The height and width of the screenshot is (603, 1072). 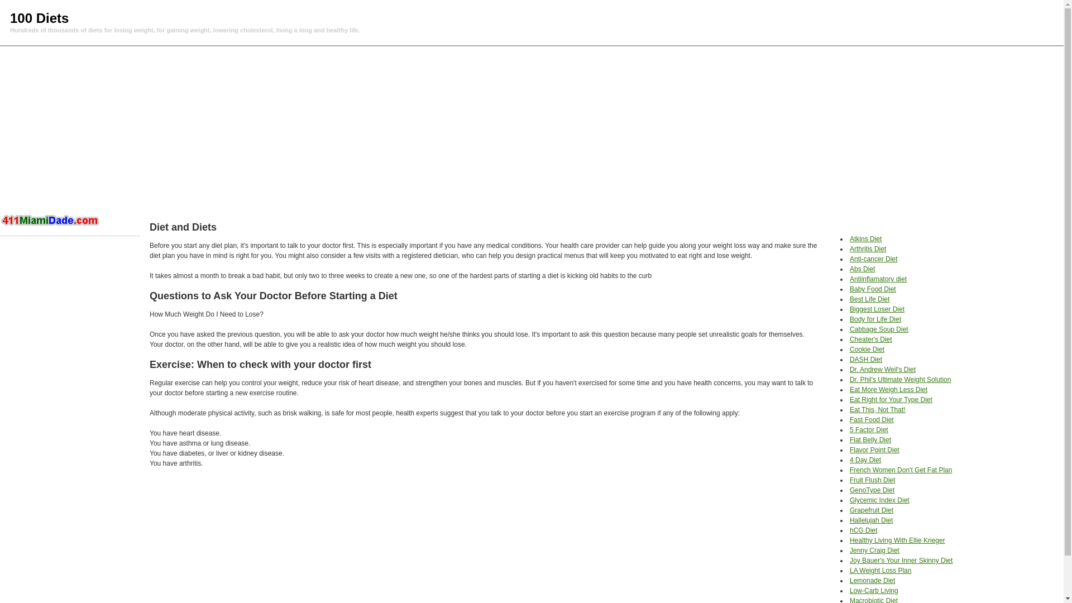 I want to click on 'Antiinflamatory diet', so click(x=878, y=279).